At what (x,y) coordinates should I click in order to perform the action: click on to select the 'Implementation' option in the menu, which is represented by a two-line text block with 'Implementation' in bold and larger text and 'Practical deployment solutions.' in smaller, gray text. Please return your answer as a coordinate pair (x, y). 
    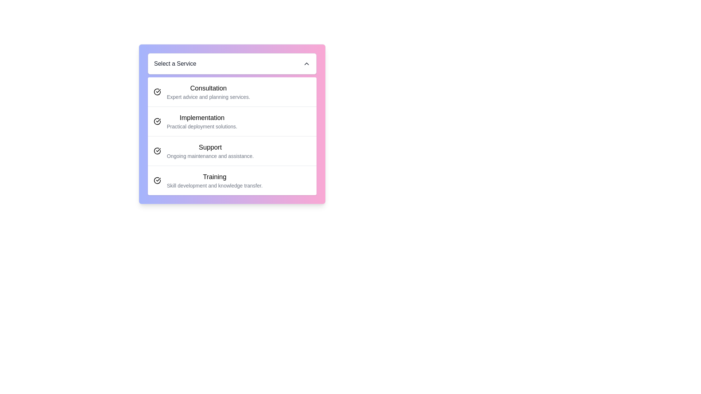
    Looking at the image, I should click on (202, 121).